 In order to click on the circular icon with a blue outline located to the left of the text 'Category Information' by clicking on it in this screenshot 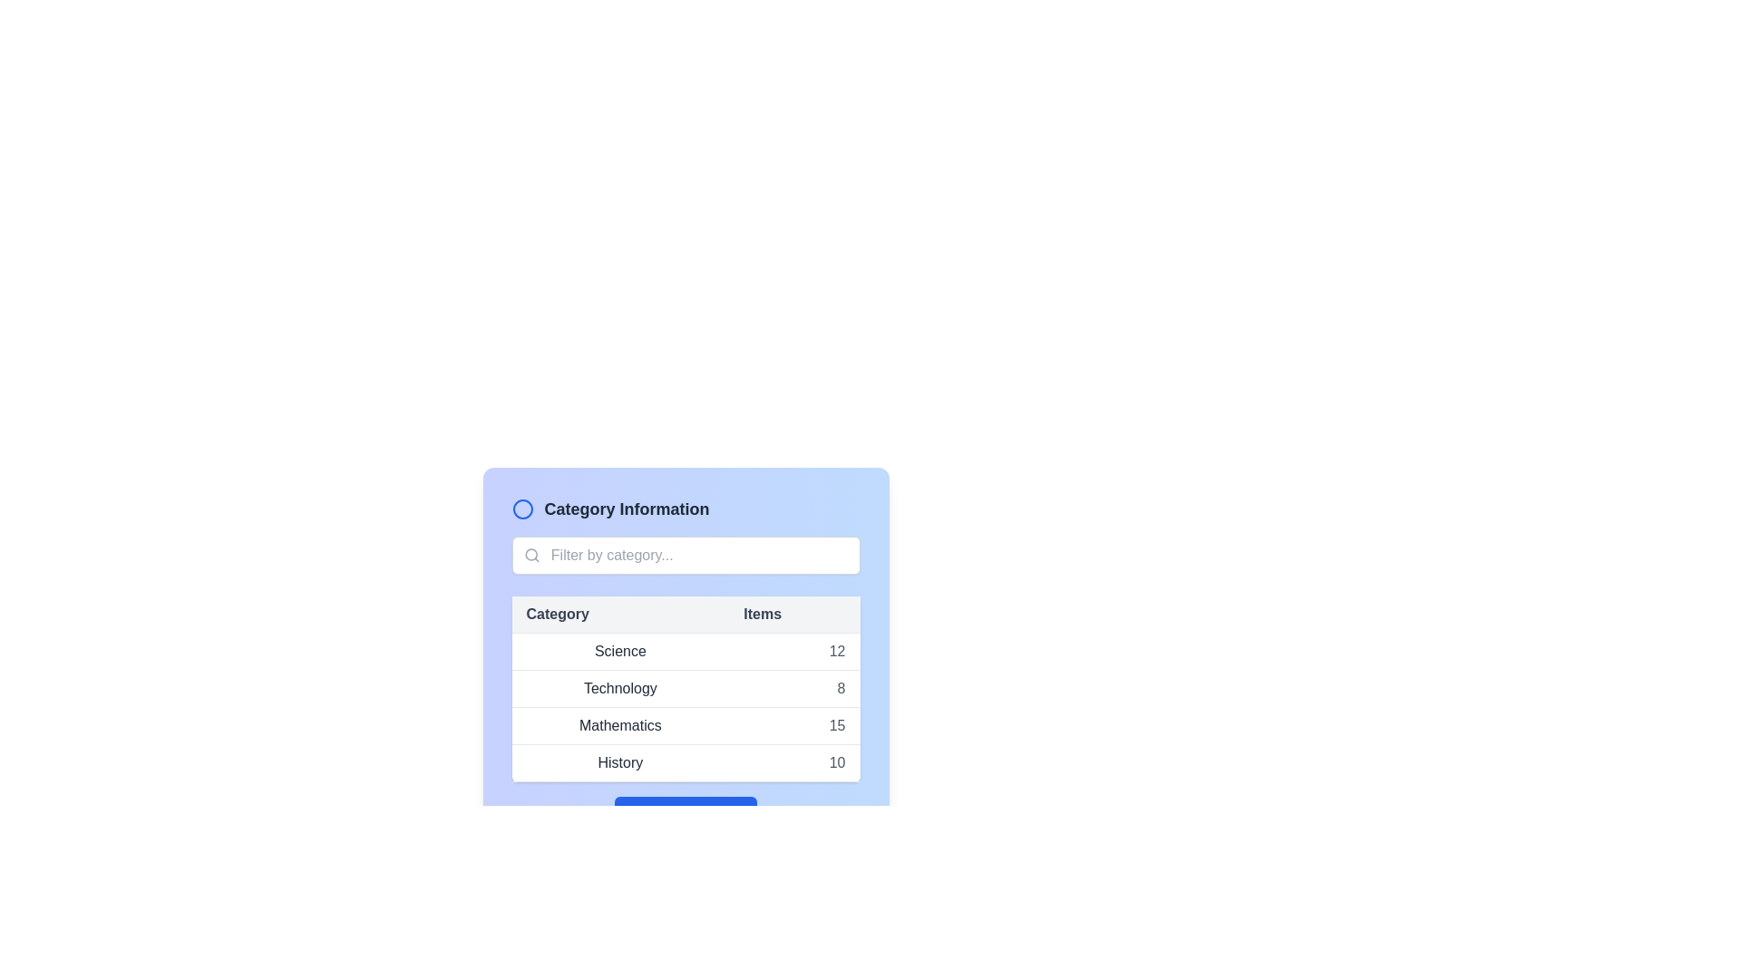, I will do `click(521, 509)`.